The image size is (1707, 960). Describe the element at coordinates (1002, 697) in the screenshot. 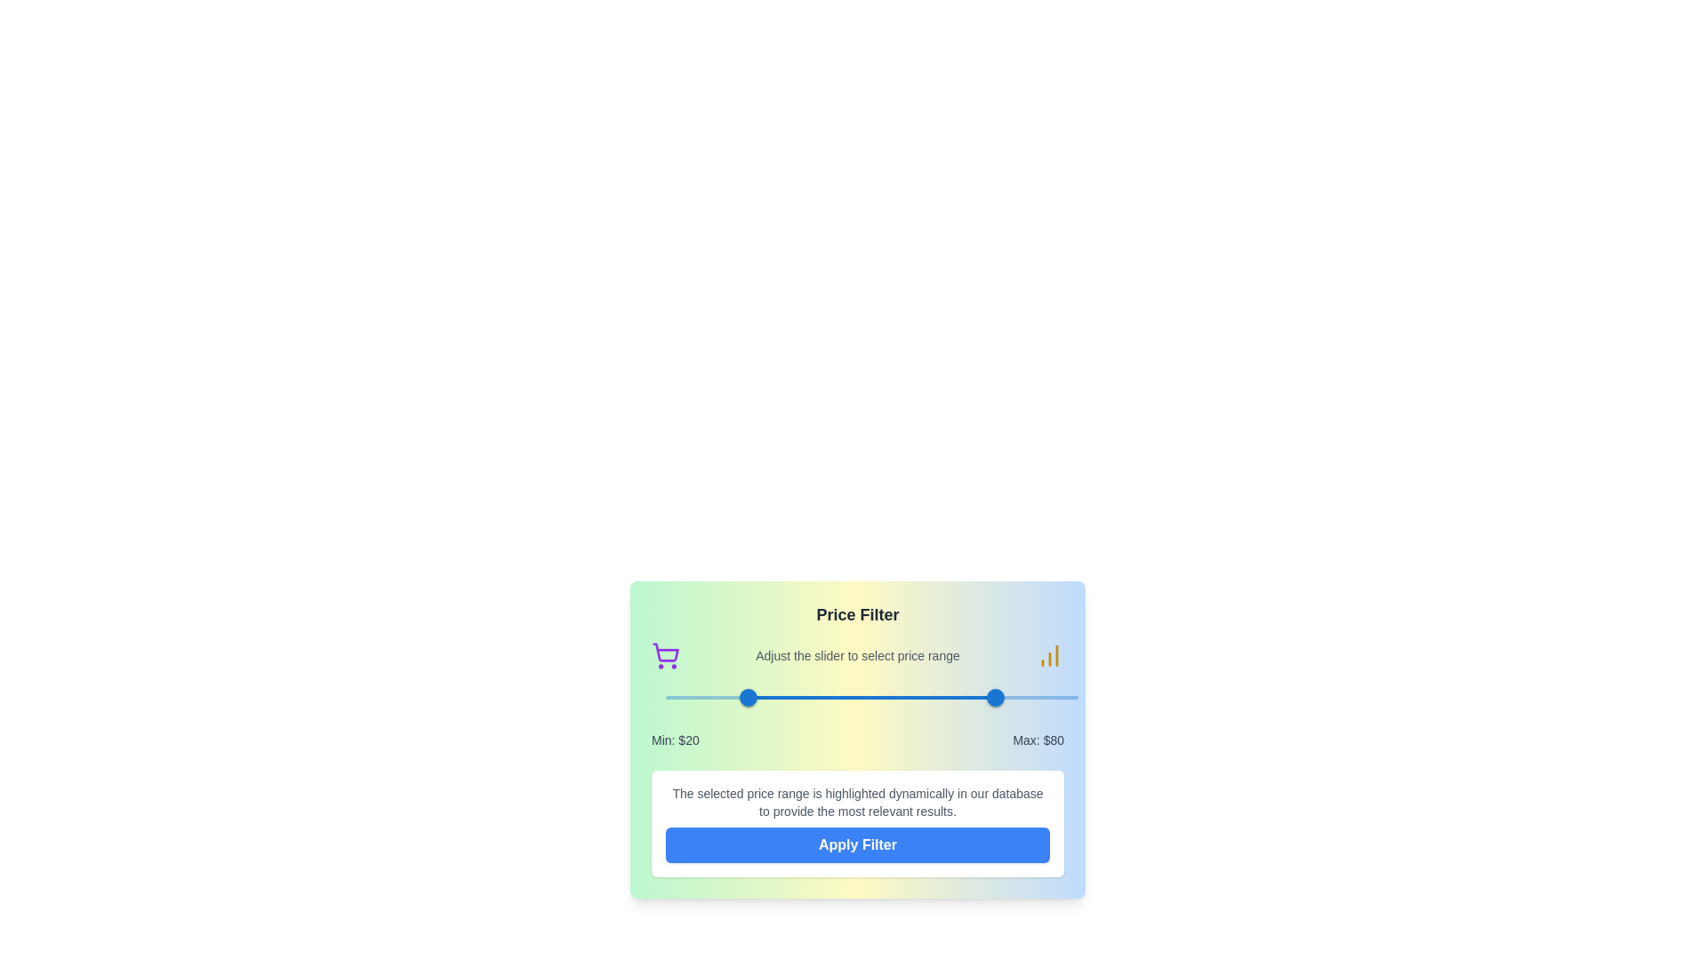

I see `slider value` at that location.